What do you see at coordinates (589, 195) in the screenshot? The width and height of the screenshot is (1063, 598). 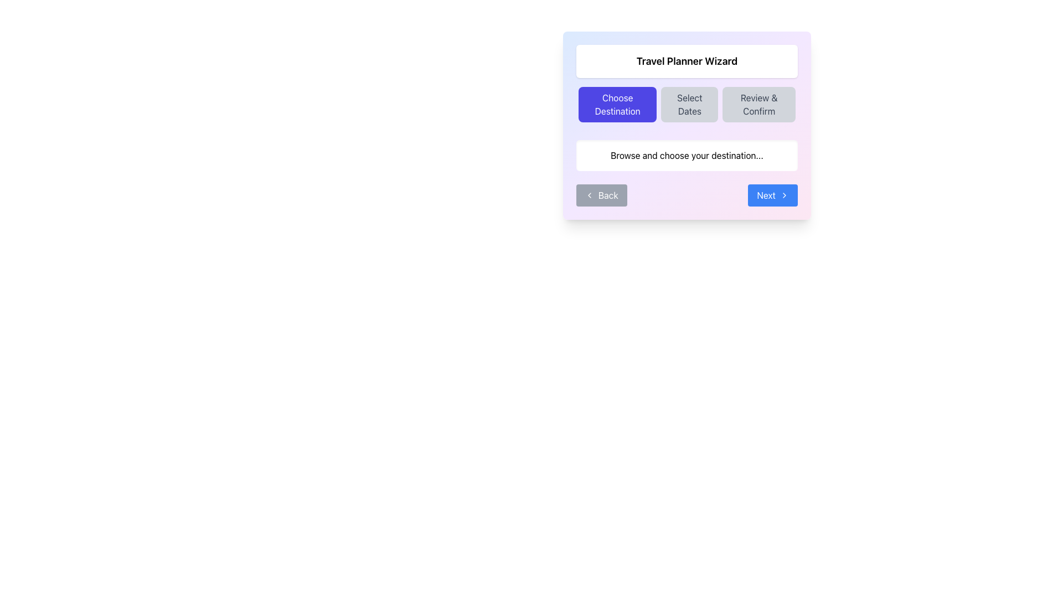 I see `the left-pointing arrow icon inside the 'Back' button located at the bottom-left corner of the form to visually reinforce the action of going back to a previous step` at bounding box center [589, 195].